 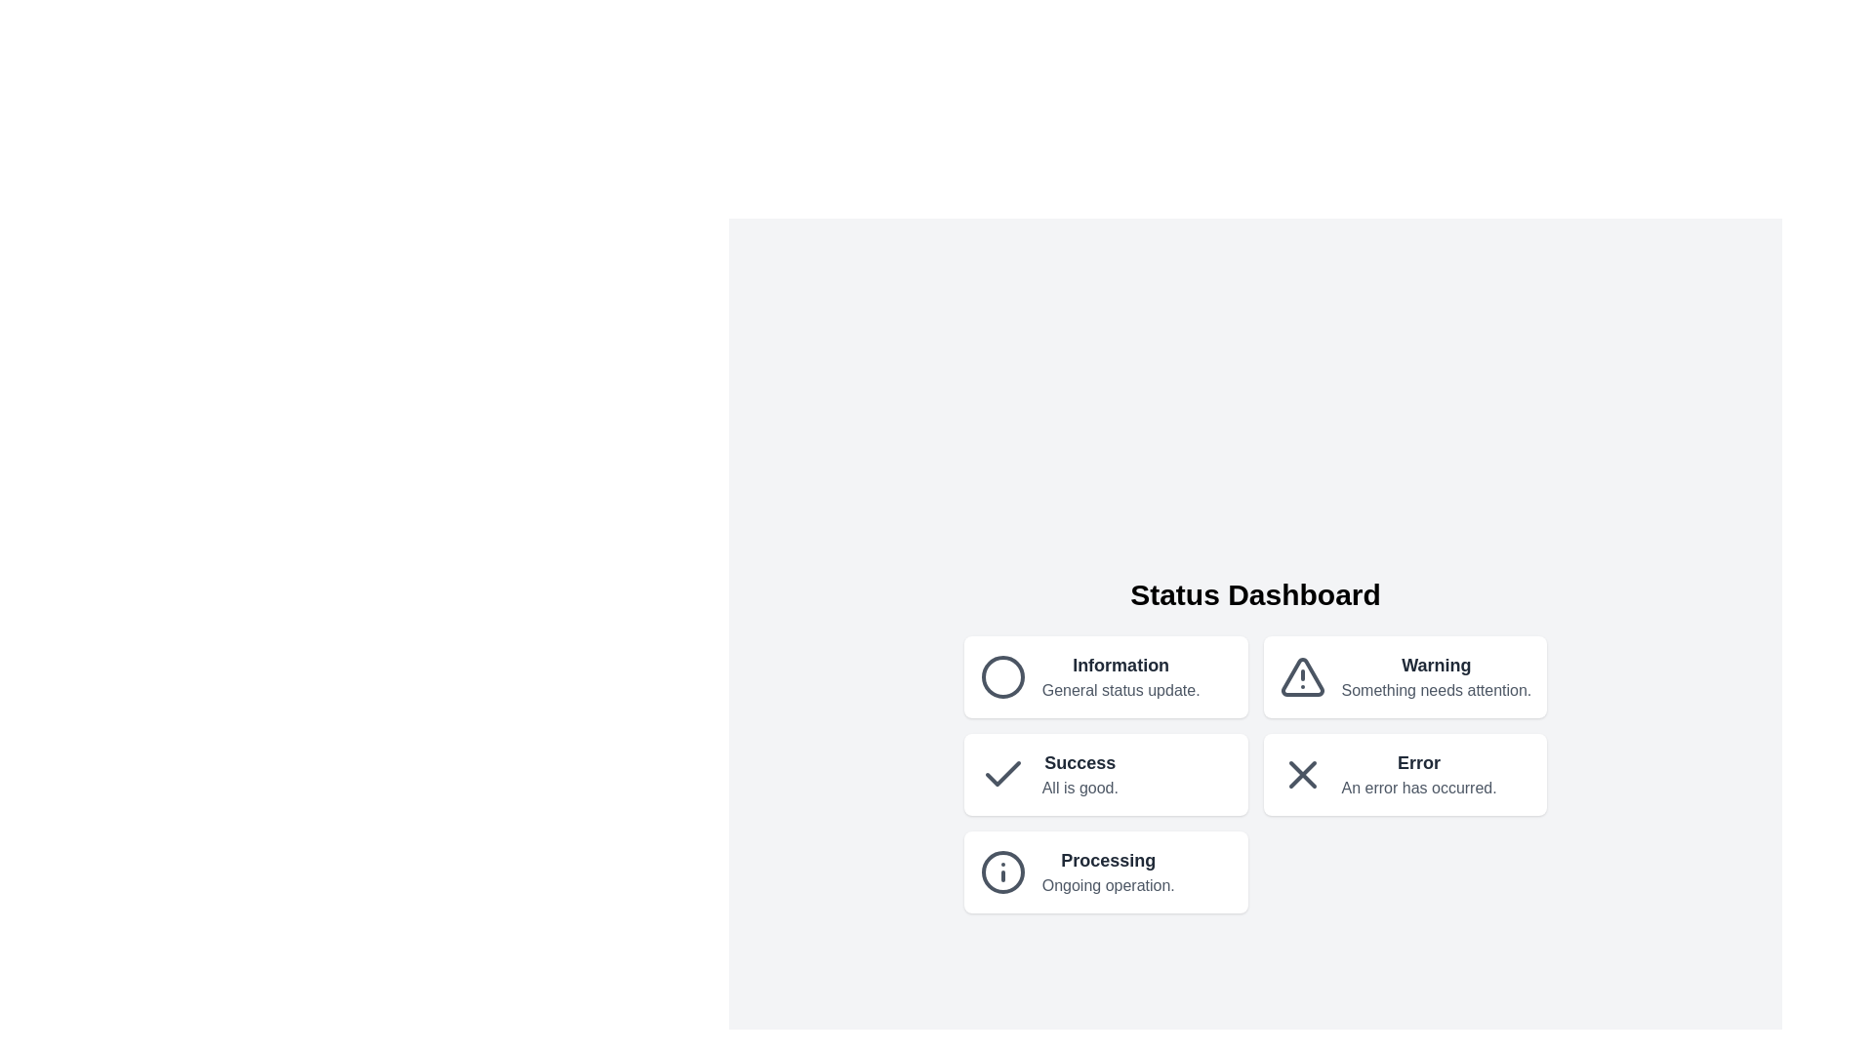 What do you see at coordinates (1302, 774) in the screenshot?
I see `the 'x' symbol icon` at bounding box center [1302, 774].